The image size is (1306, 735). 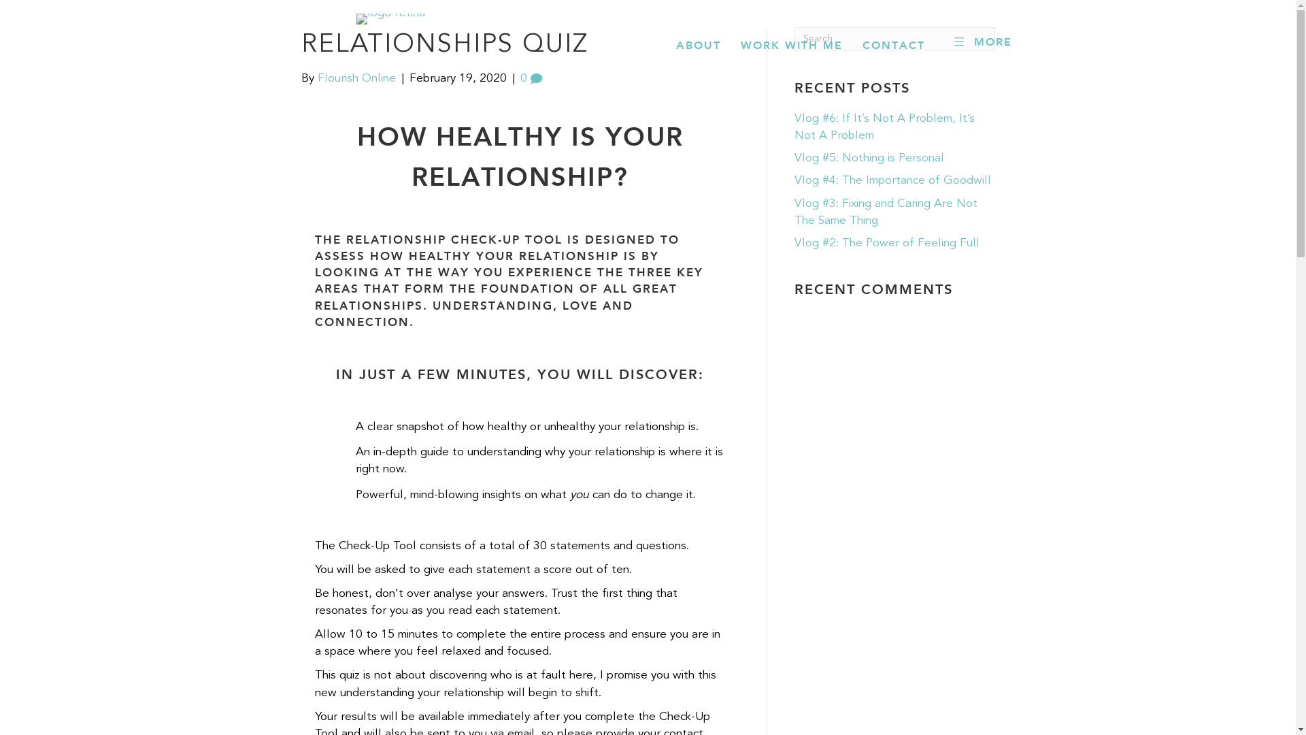 What do you see at coordinates (894, 44) in the screenshot?
I see `'CONTACT'` at bounding box center [894, 44].